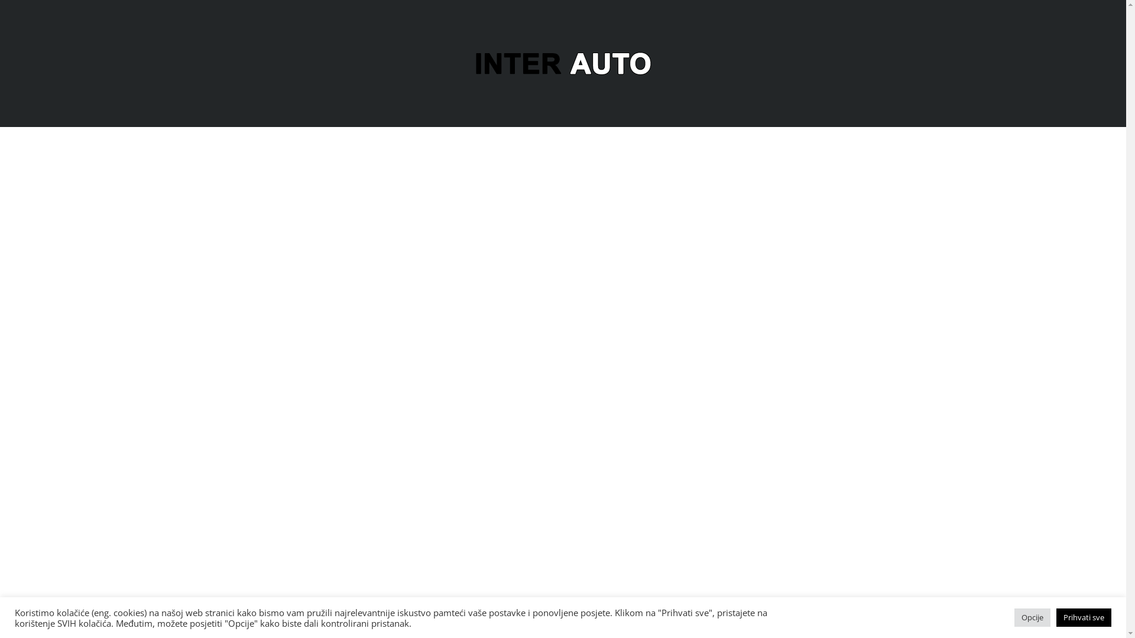 This screenshot has width=1135, height=638. I want to click on 'Opcije', so click(1032, 617).